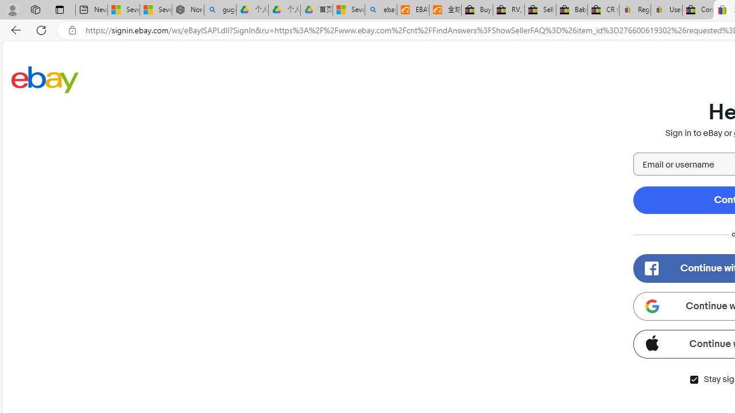 This screenshot has width=735, height=413. I want to click on 'guge yunpan - Search', so click(220, 10).